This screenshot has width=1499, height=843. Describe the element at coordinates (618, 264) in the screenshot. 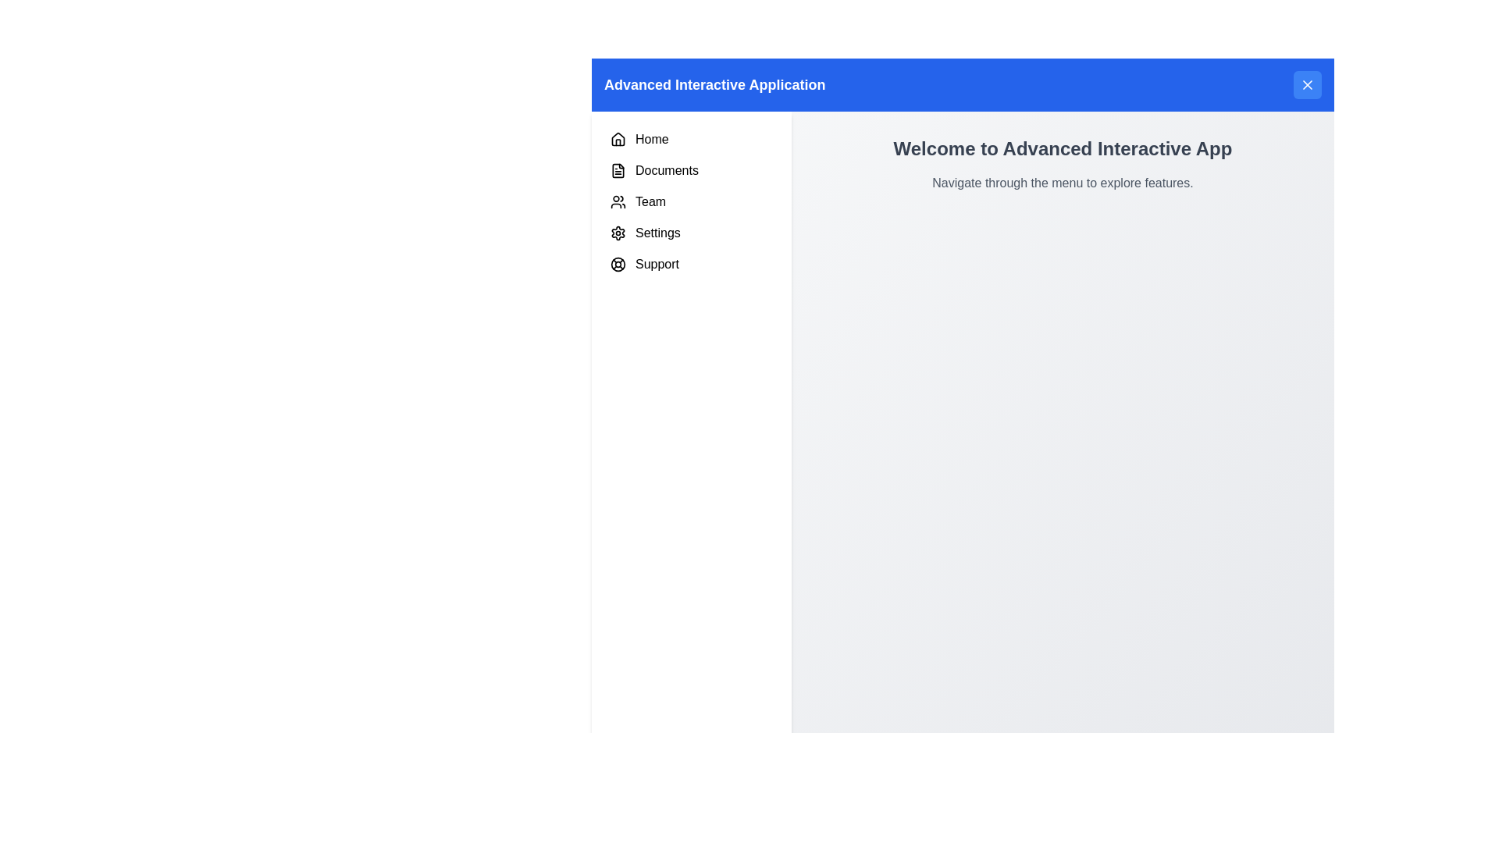

I see `the circular life buoy icon in the sidebar navigation, located next to the text 'Support'` at that location.